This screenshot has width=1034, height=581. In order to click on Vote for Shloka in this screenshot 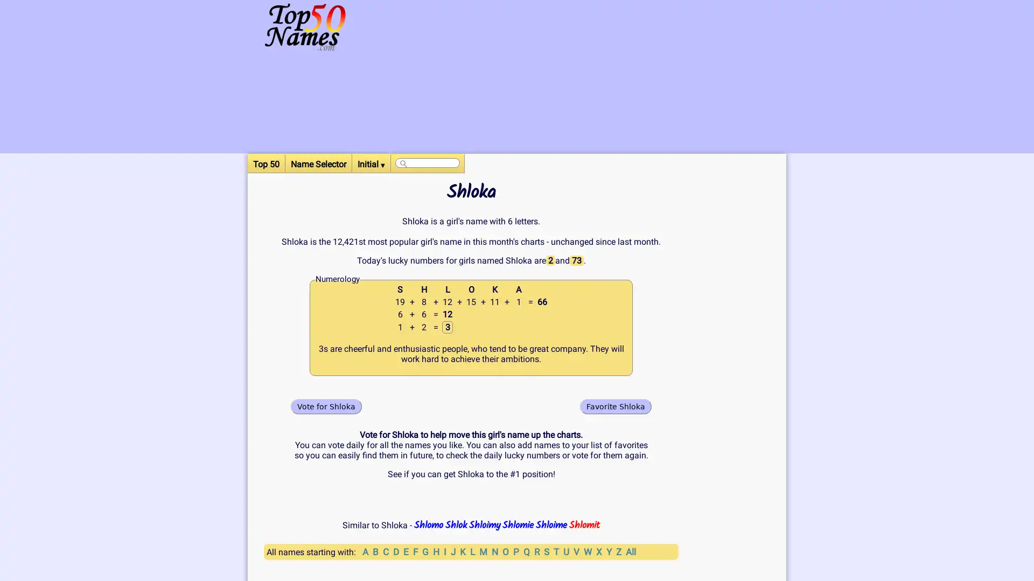, I will do `click(325, 406)`.